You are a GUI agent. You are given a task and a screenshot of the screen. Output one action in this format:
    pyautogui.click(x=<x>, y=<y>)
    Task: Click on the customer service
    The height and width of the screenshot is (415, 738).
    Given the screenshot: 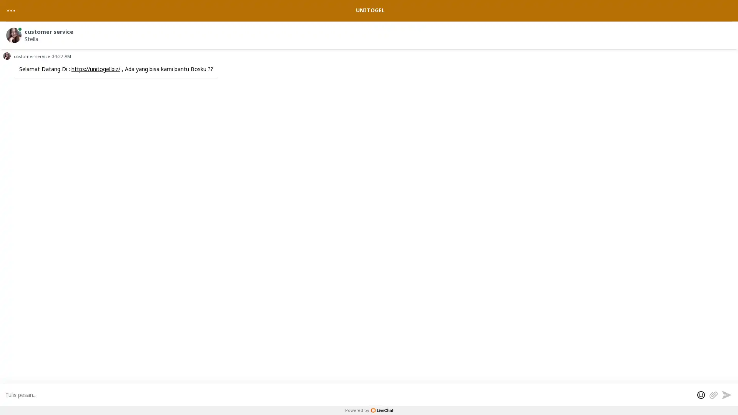 What is the action you would take?
    pyautogui.click(x=370, y=33)
    